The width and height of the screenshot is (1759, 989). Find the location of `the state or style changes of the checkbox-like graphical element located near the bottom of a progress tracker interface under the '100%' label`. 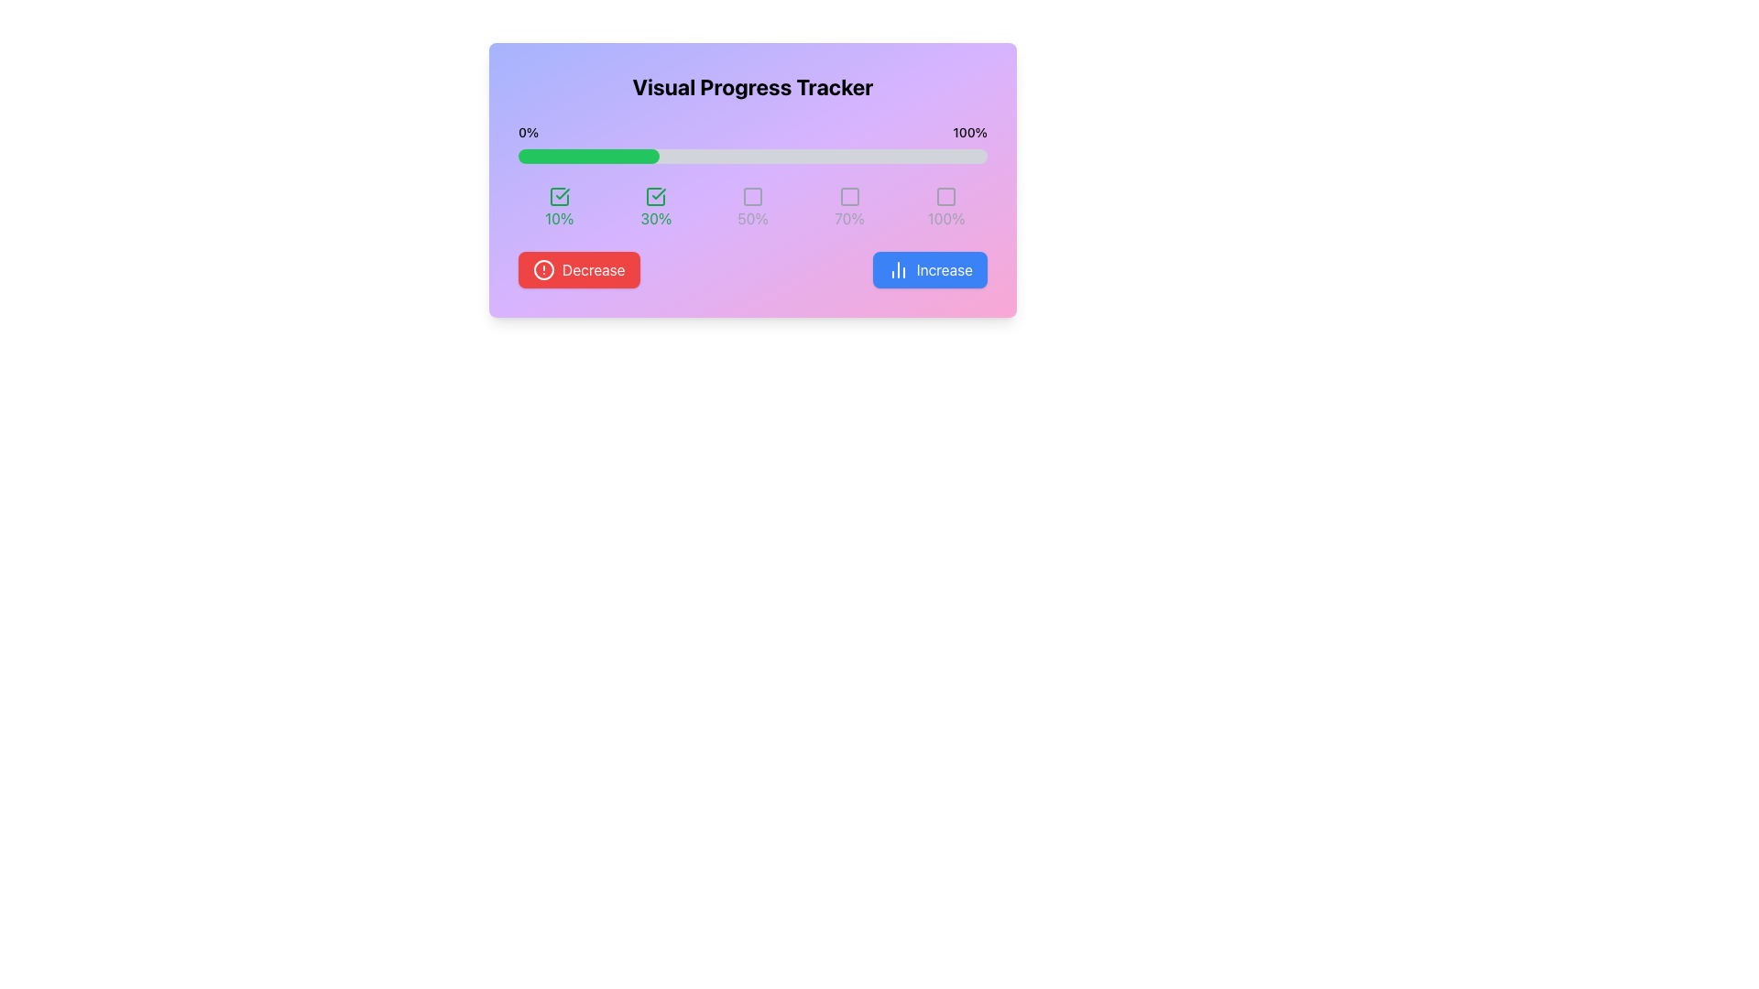

the state or style changes of the checkbox-like graphical element located near the bottom of a progress tracker interface under the '100%' label is located at coordinates (946, 197).